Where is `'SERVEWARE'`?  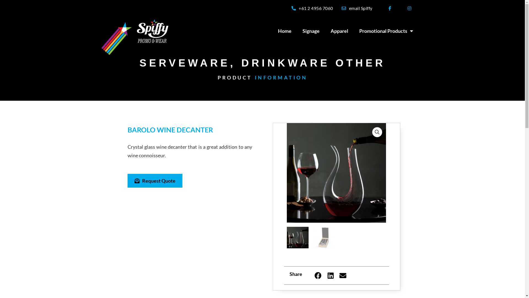
'SERVEWARE' is located at coordinates (185, 62).